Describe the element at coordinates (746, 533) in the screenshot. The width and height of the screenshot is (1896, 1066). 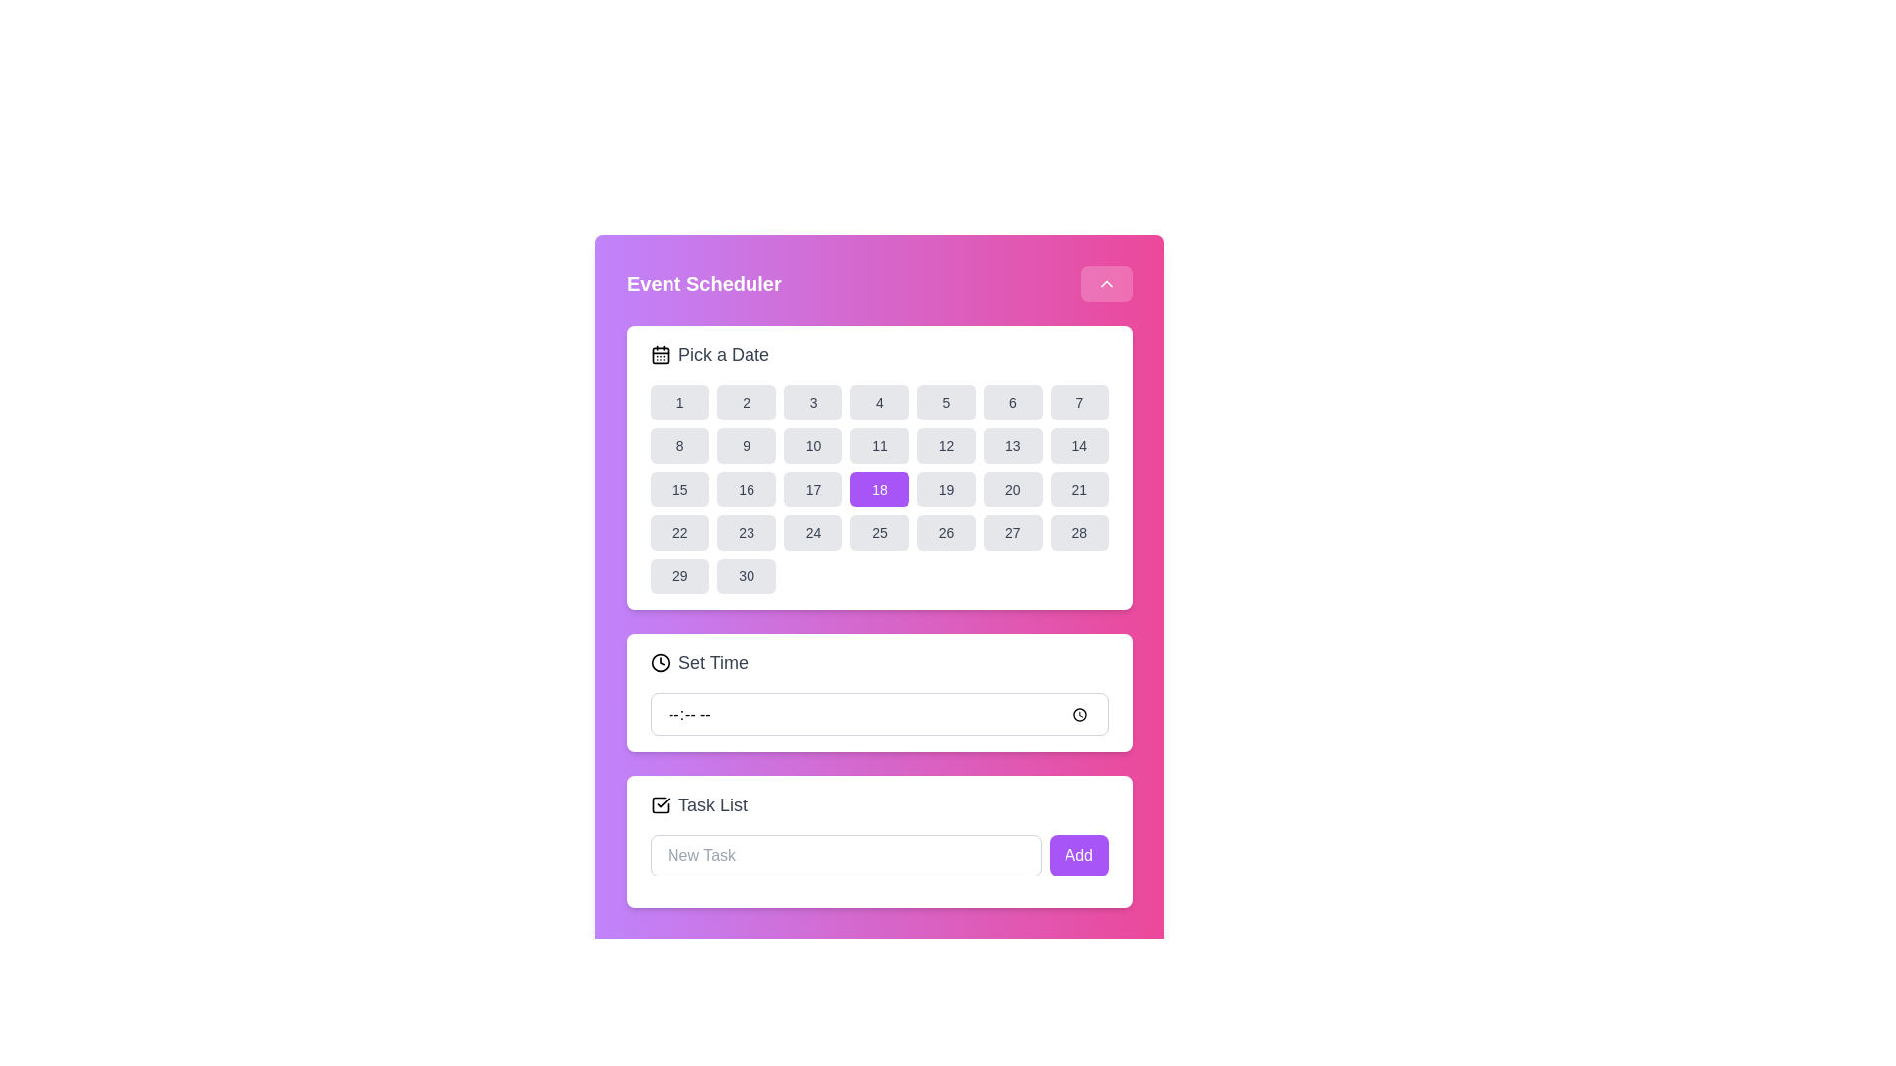
I see `the button displaying the number '23' with a gray background and rounded edges located in the fifth row, second column of the calendar grid` at that location.